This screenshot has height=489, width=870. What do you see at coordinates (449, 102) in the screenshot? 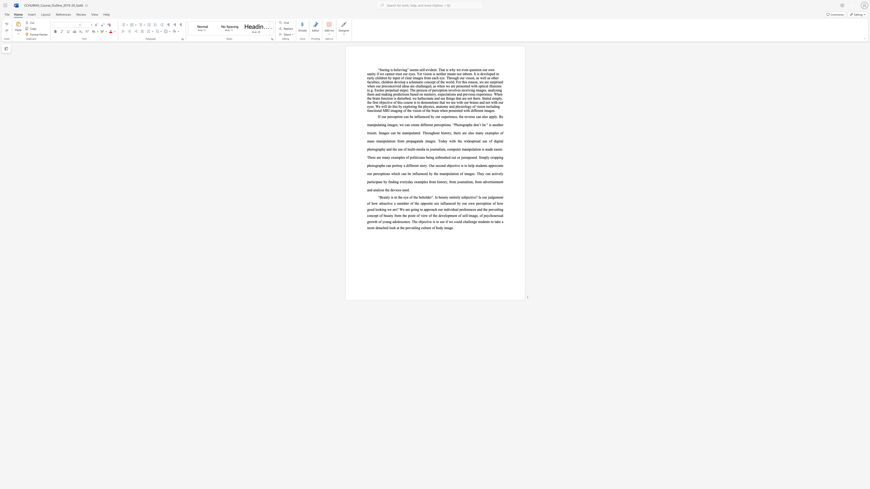
I see `the 33th character "e" in the text` at bounding box center [449, 102].